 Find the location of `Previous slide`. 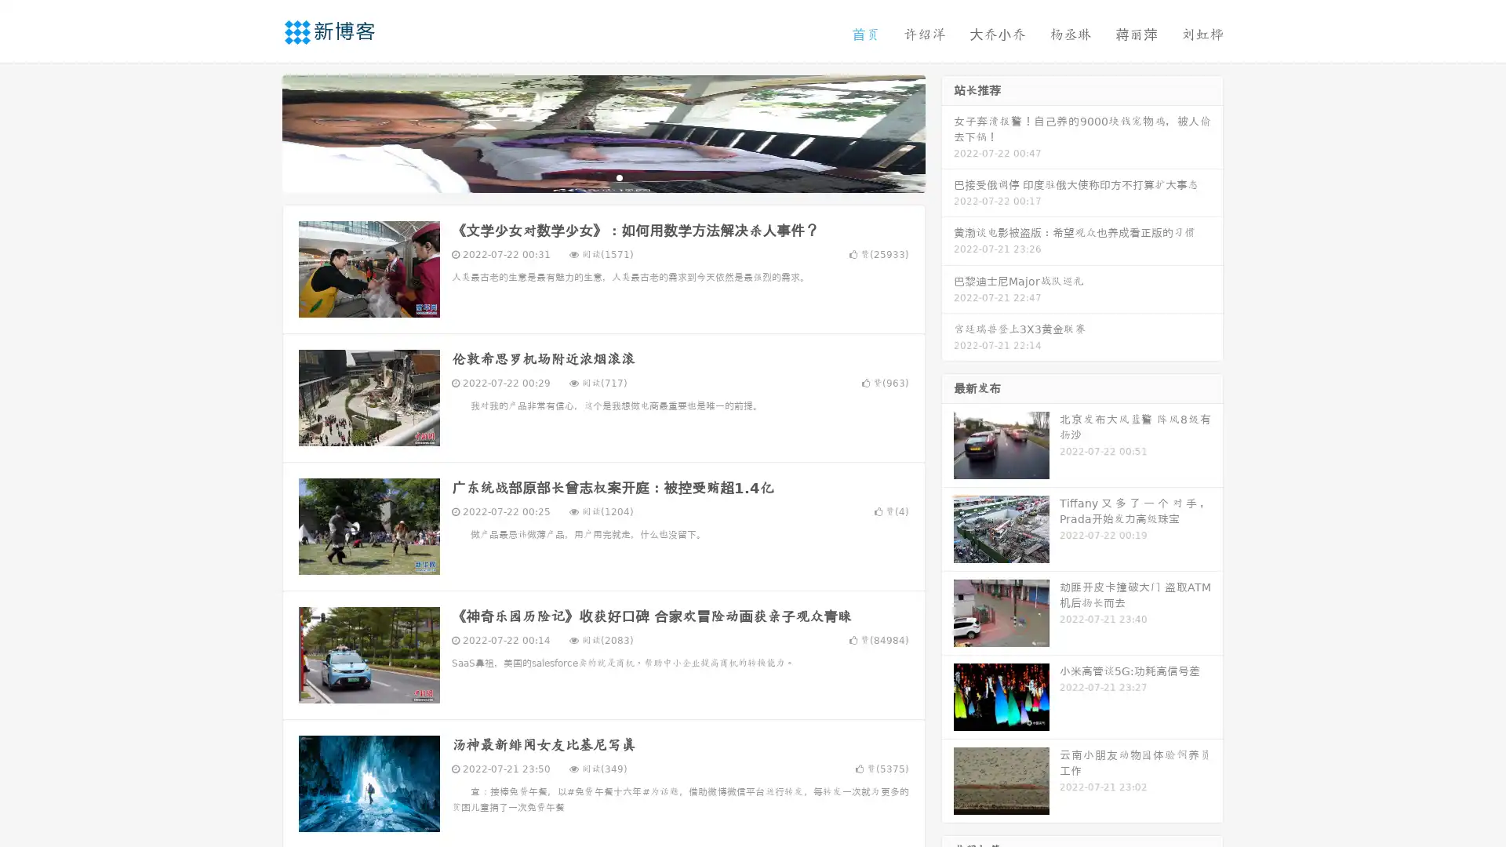

Previous slide is located at coordinates (259, 132).